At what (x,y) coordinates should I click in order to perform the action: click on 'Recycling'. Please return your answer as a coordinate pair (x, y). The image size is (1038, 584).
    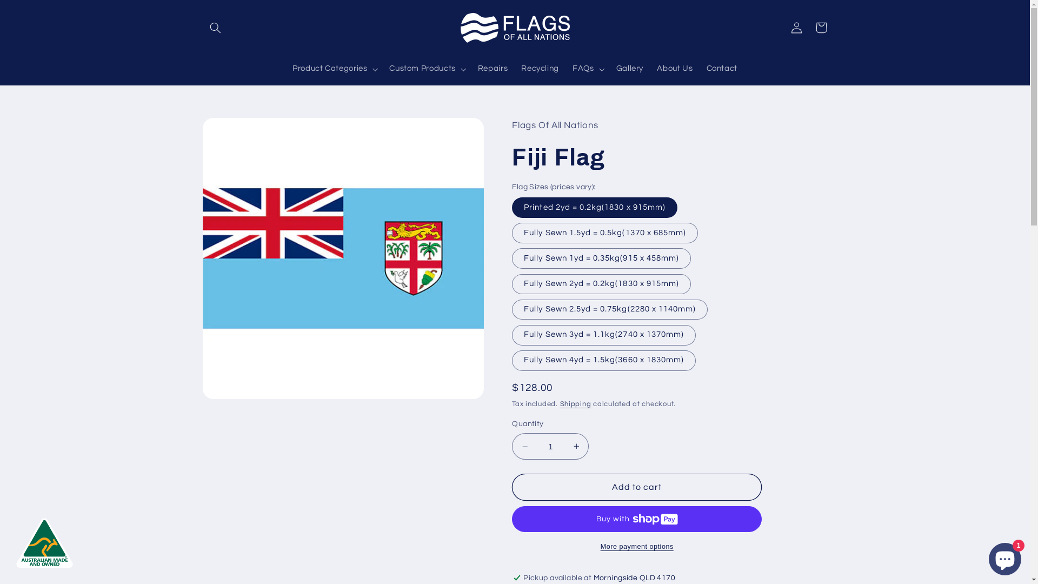
    Looking at the image, I should click on (514, 69).